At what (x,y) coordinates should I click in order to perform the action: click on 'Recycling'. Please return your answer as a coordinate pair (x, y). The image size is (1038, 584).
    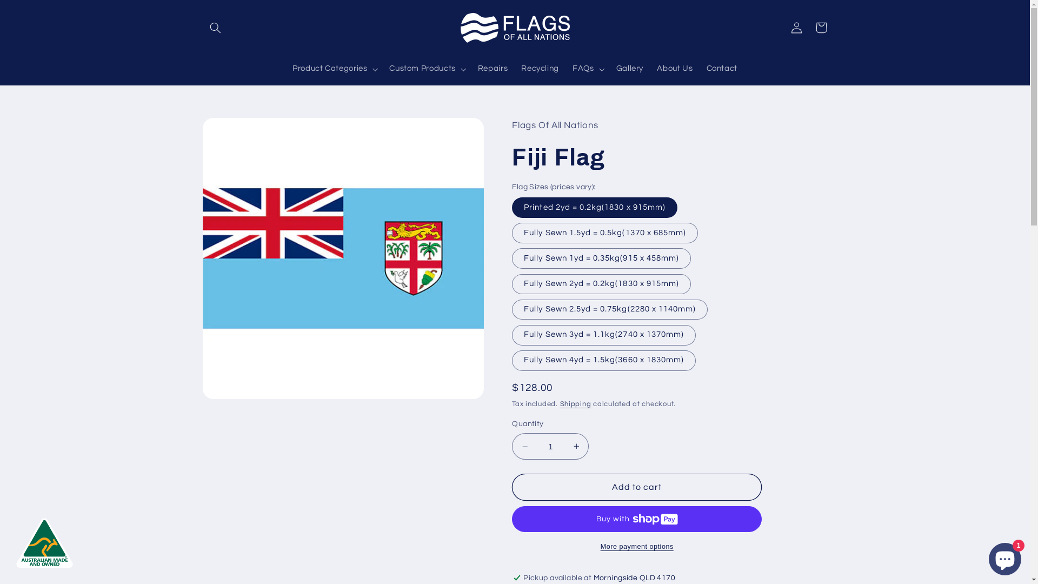
    Looking at the image, I should click on (514, 69).